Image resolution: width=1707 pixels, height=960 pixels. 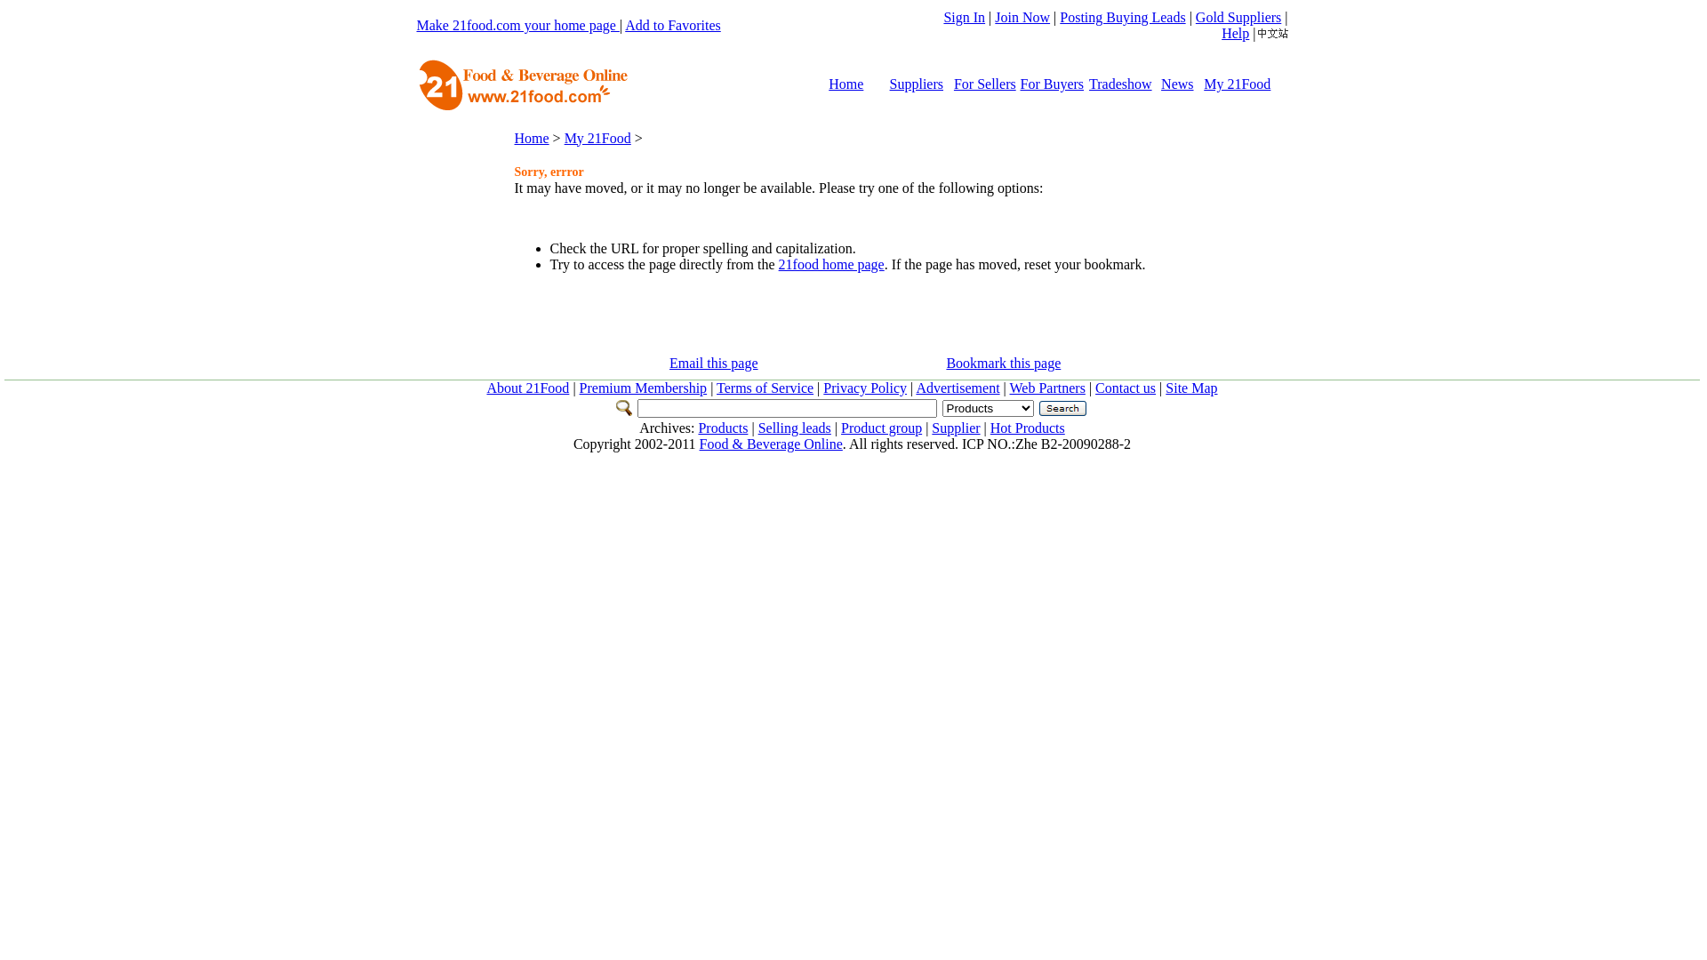 What do you see at coordinates (1059, 17) in the screenshot?
I see `'Posting Buying Leads'` at bounding box center [1059, 17].